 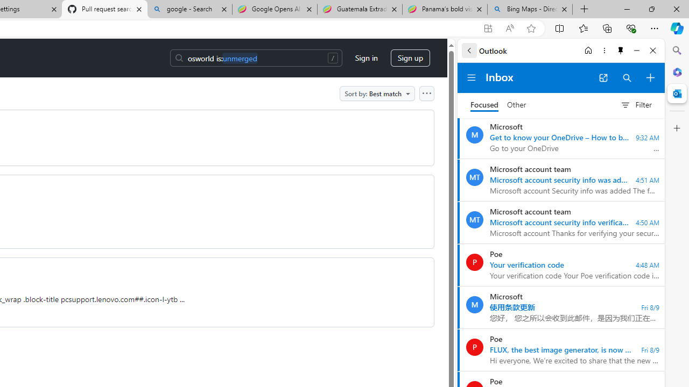 I want to click on 'Focused', so click(x=484, y=105).